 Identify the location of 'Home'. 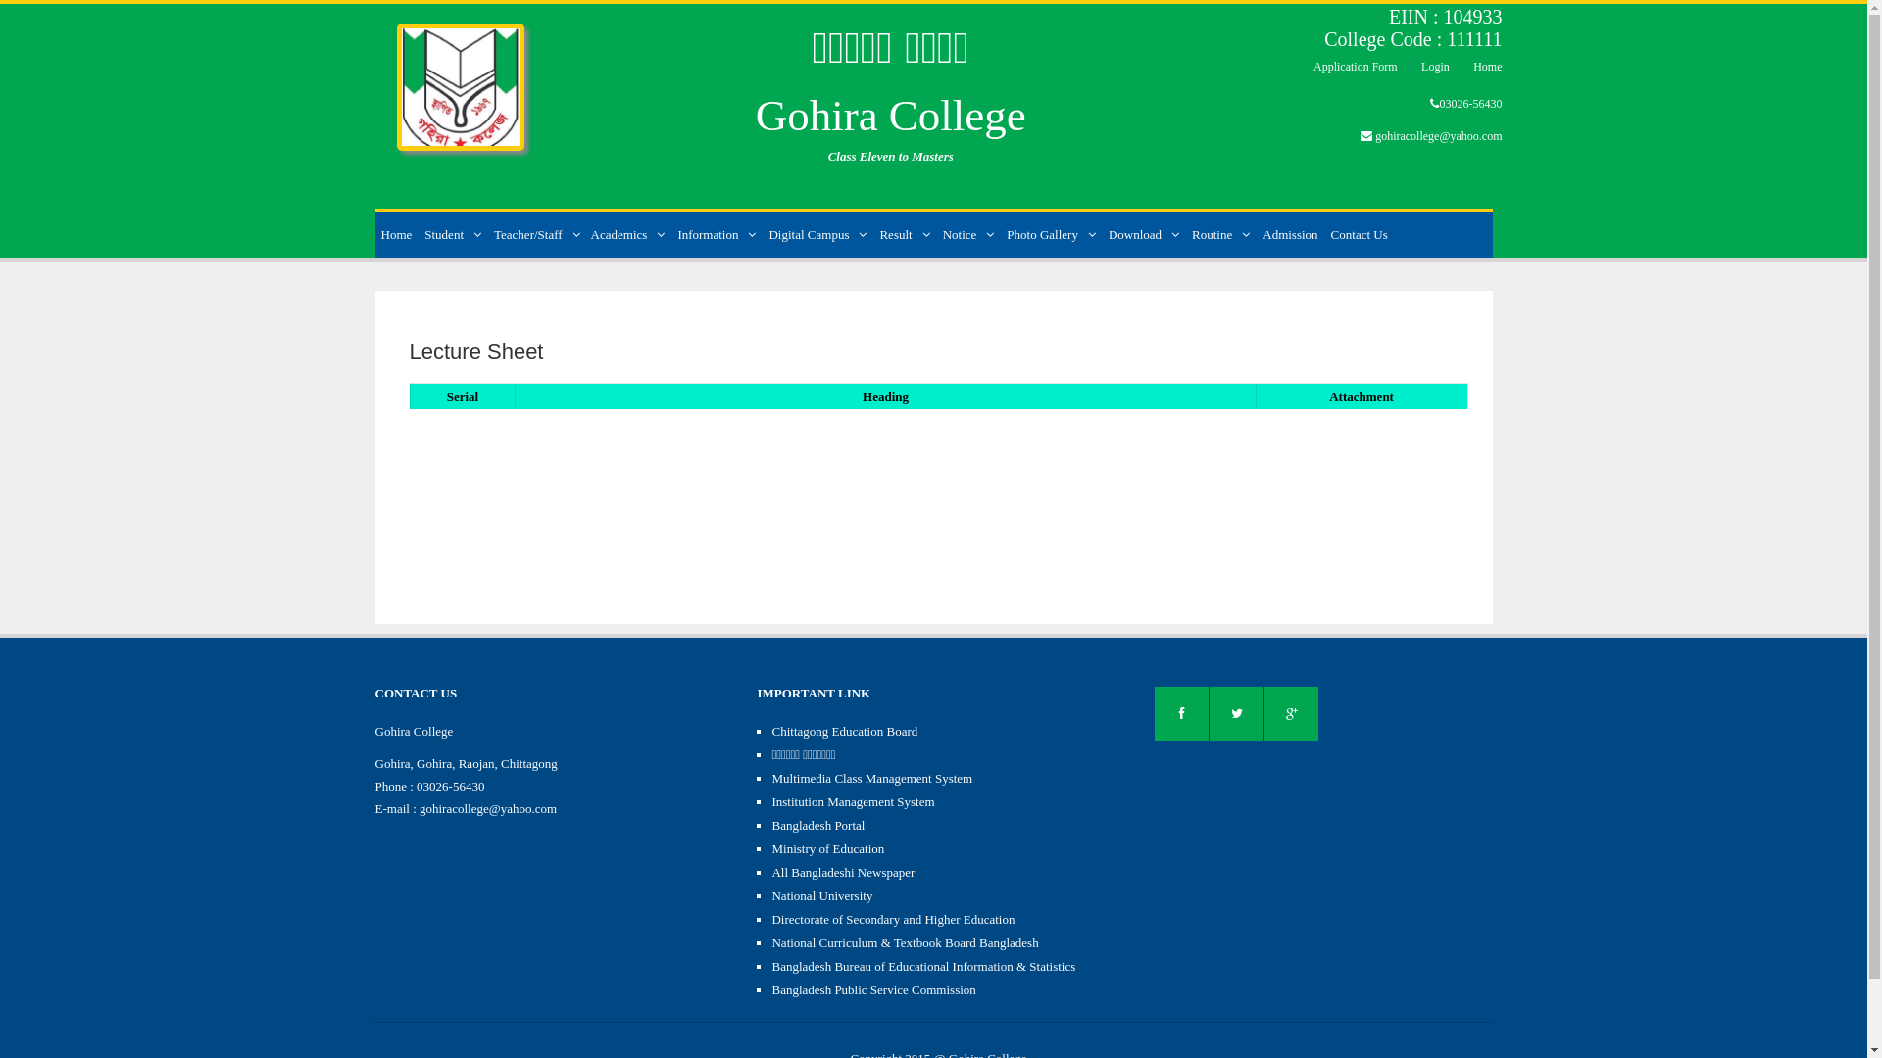
(394, 233).